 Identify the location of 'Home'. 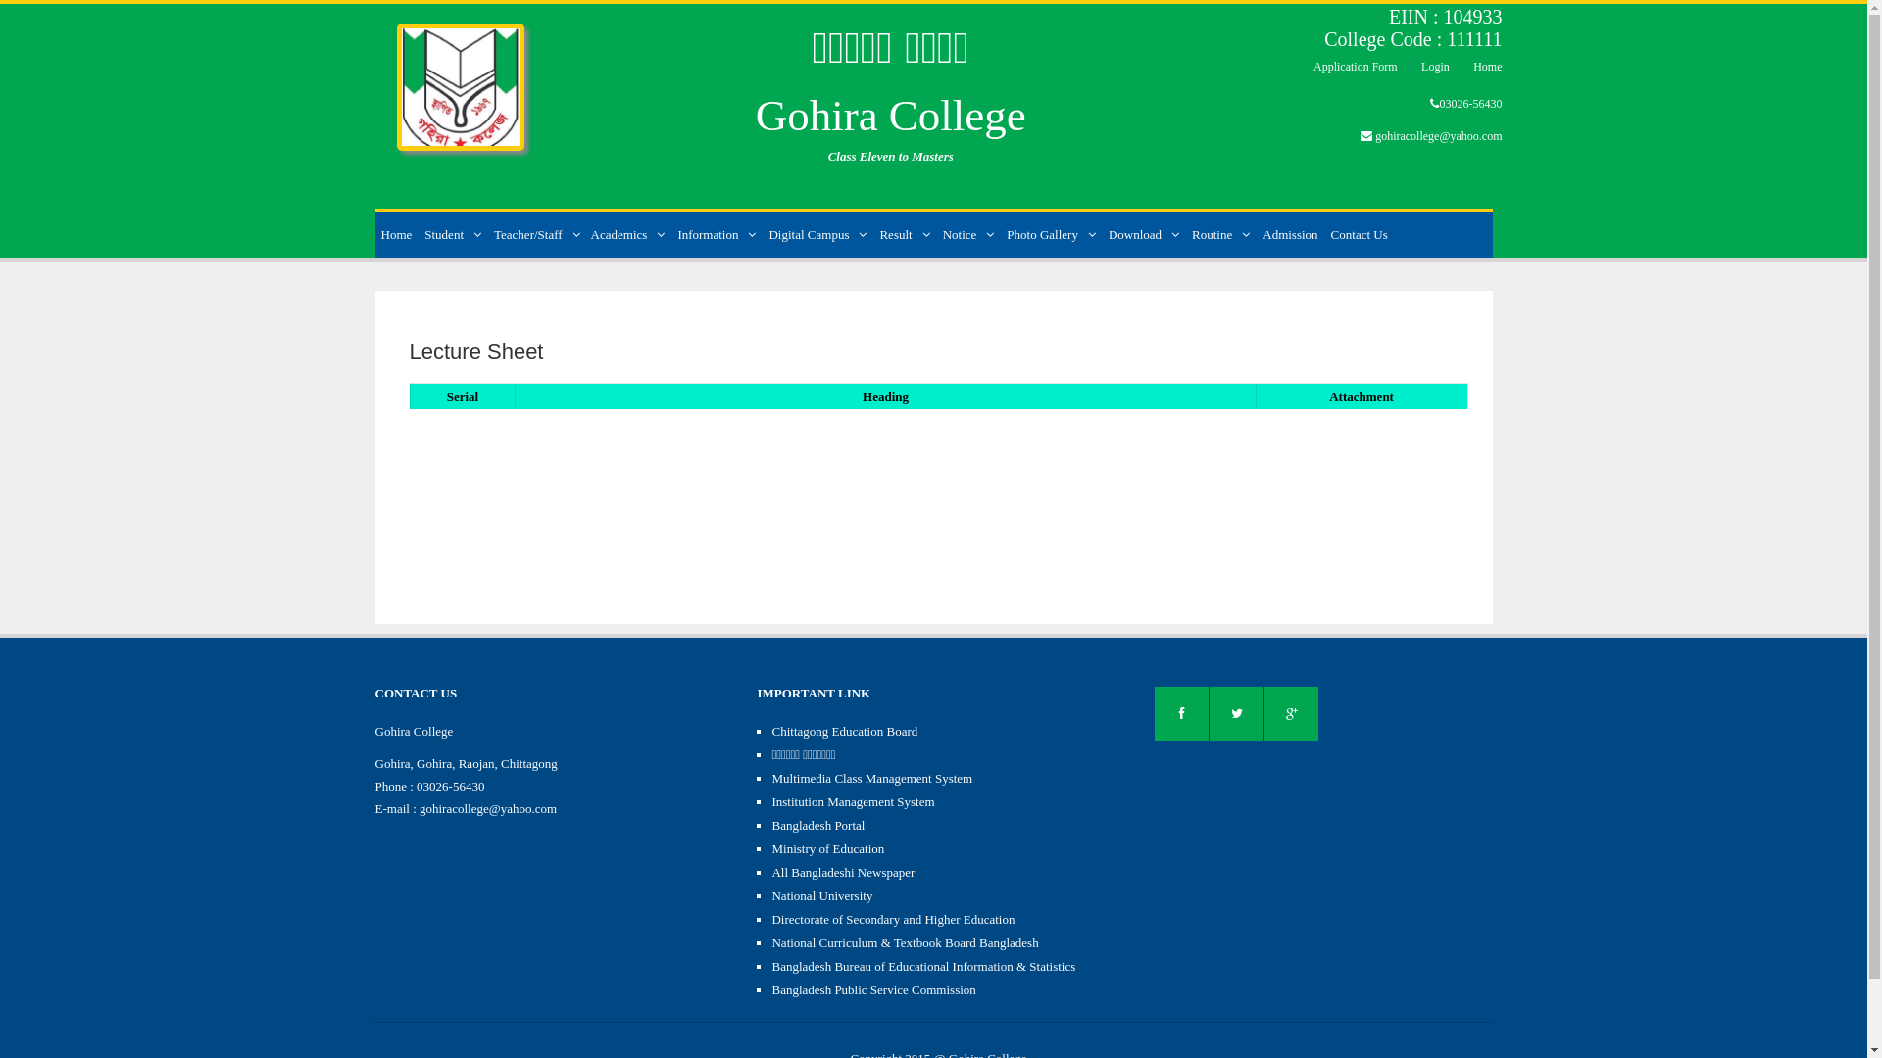
(394, 233).